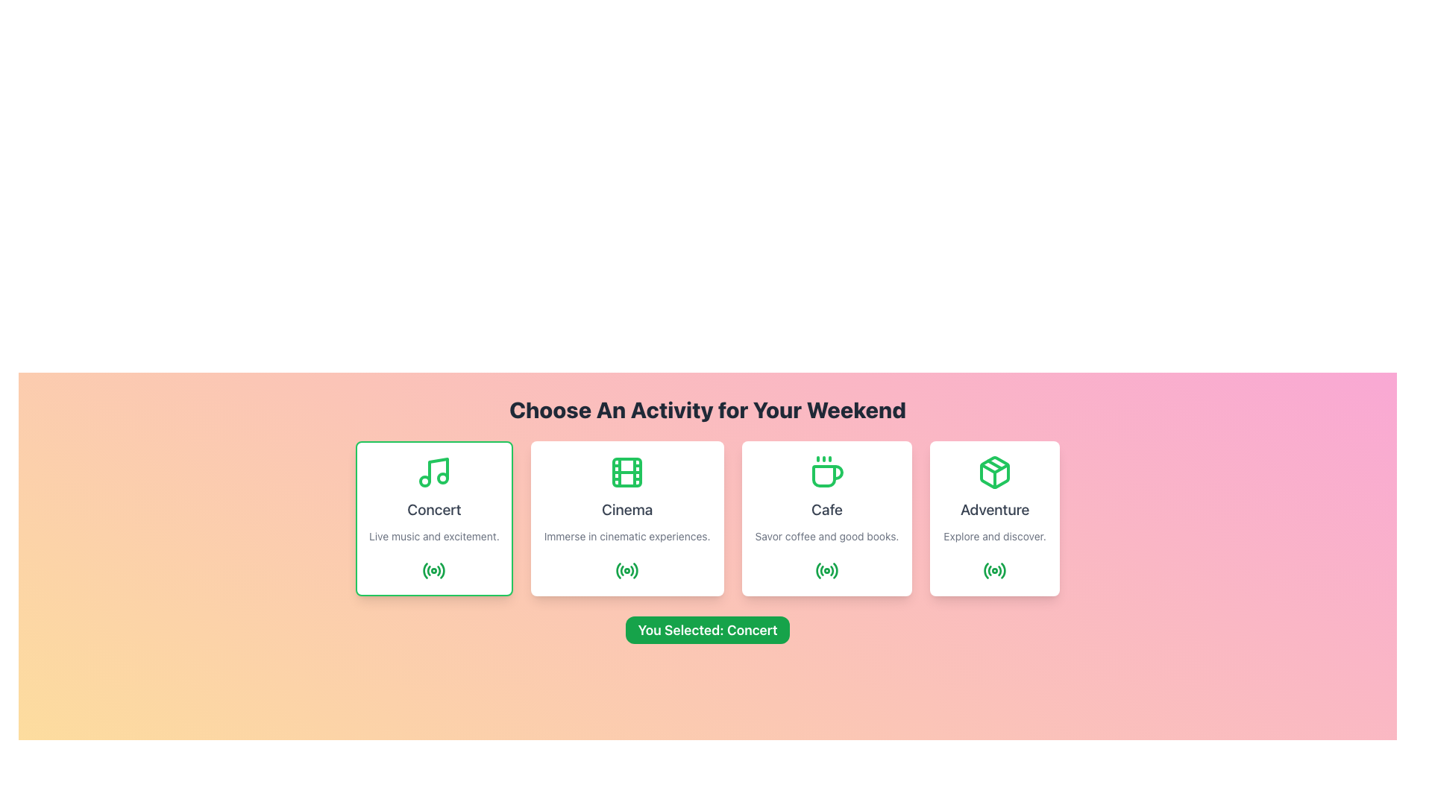  What do you see at coordinates (433, 517) in the screenshot?
I see `the first Button-like card labeled 'Concert' which features a green music note icon and a green radio wave icon at the bottom` at bounding box center [433, 517].